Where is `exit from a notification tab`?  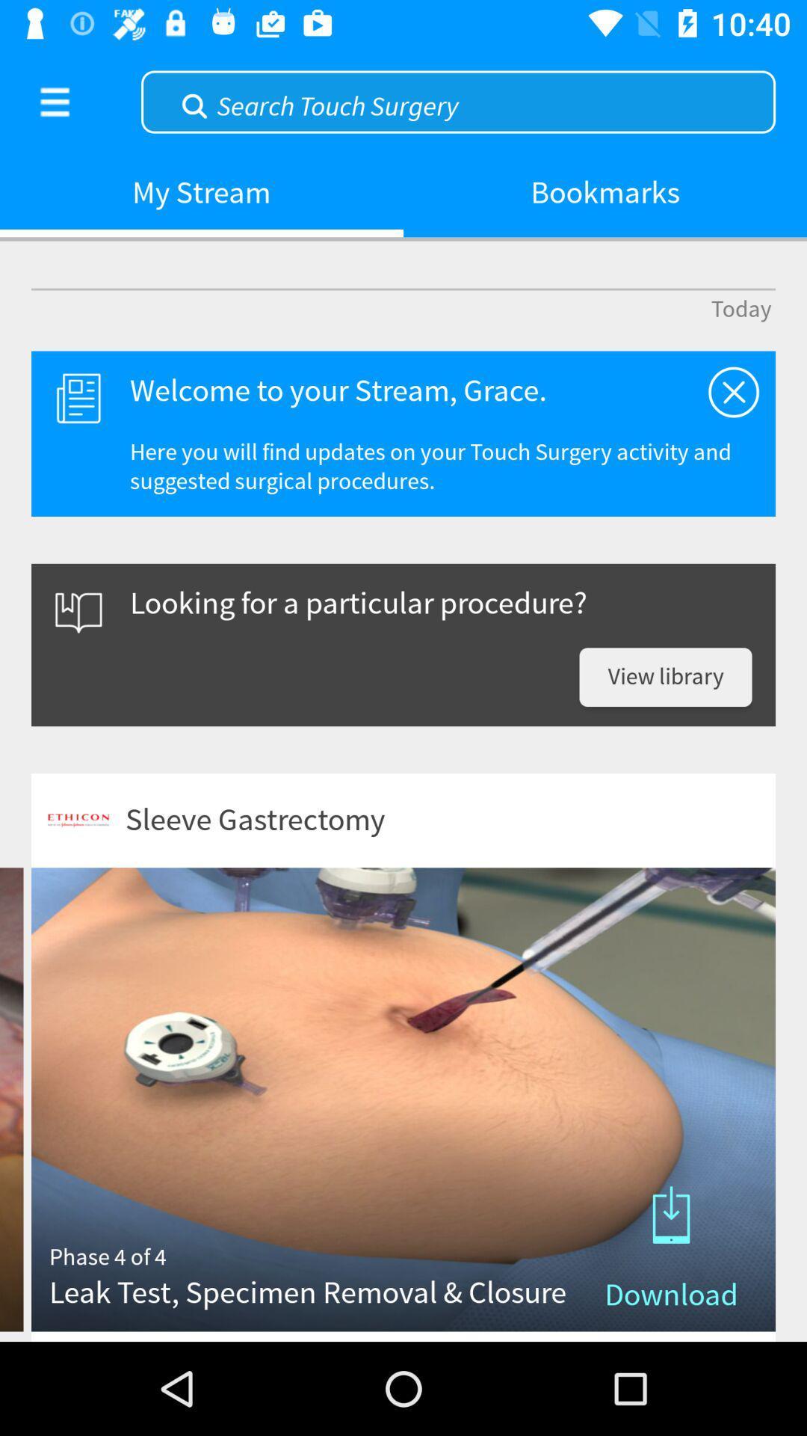
exit from a notification tab is located at coordinates (733, 392).